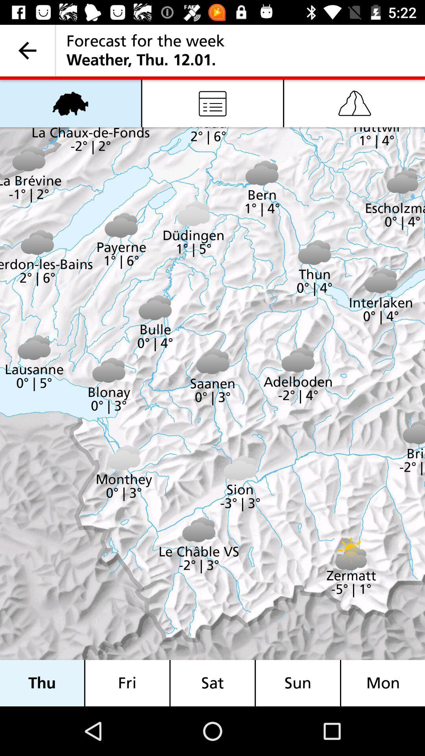  Describe the element at coordinates (382, 683) in the screenshot. I see `icon next to sun icon` at that location.